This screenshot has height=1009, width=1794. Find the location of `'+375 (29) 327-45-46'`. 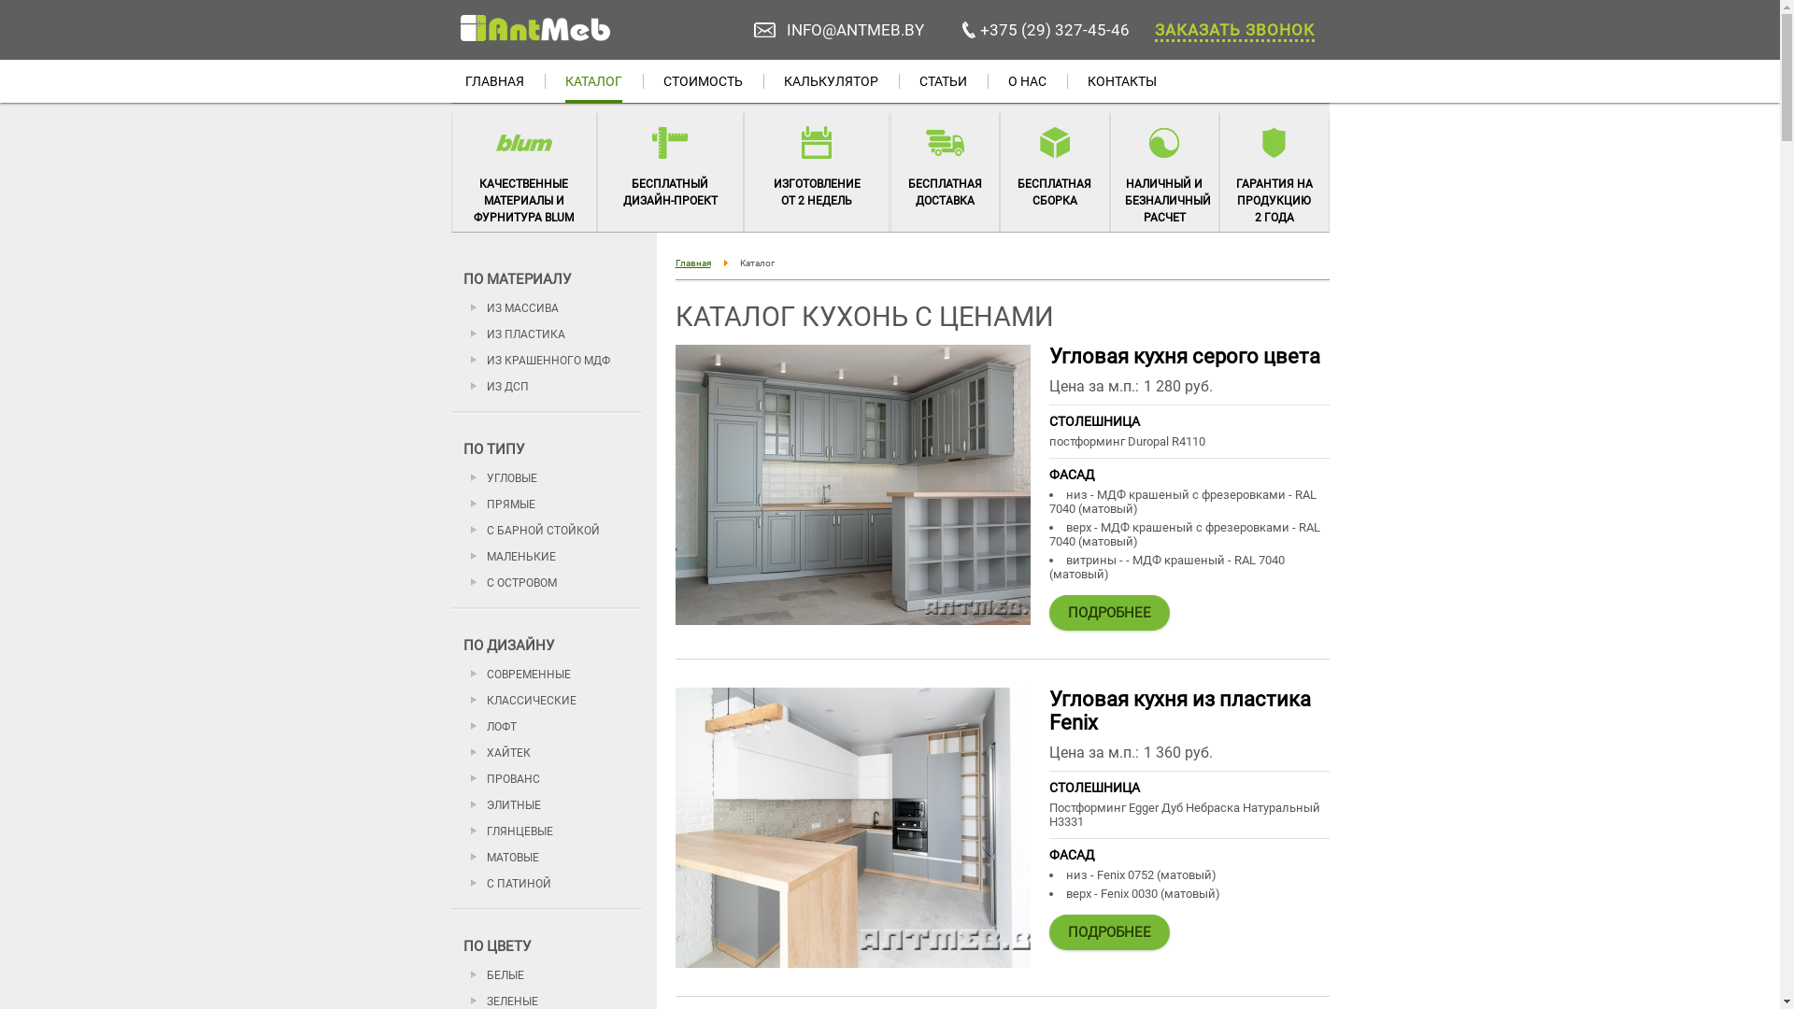

'+375 (29) 327-45-46' is located at coordinates (1054, 29).